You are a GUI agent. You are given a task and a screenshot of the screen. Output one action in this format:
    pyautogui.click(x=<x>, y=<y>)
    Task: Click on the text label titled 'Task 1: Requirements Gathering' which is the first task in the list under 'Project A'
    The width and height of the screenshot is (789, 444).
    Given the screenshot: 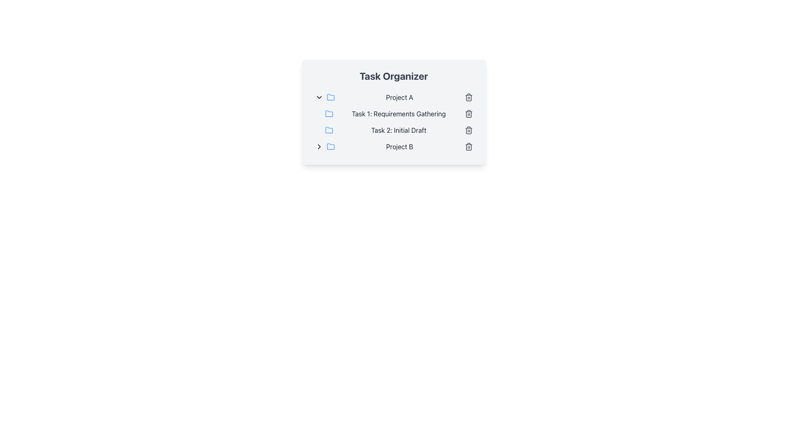 What is the action you would take?
    pyautogui.click(x=399, y=114)
    